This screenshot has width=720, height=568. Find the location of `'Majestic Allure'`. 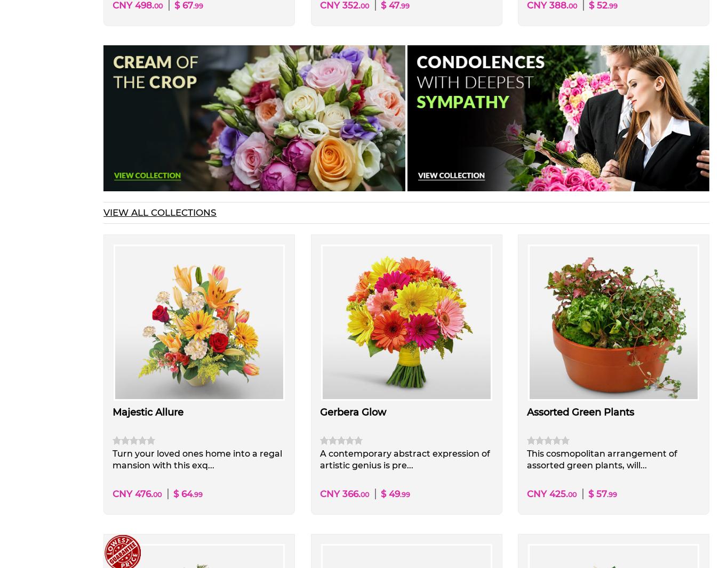

'Majestic Allure' is located at coordinates (113, 412).